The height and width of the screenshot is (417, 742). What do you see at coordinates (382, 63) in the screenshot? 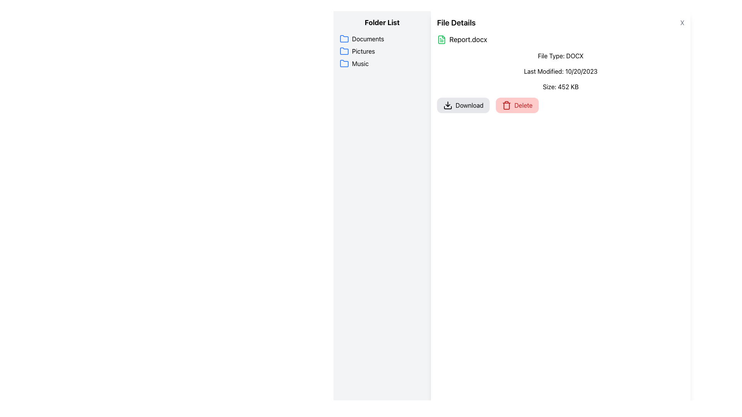
I see `the clickable list item labeled 'Music' in the 'Folder List' section` at bounding box center [382, 63].